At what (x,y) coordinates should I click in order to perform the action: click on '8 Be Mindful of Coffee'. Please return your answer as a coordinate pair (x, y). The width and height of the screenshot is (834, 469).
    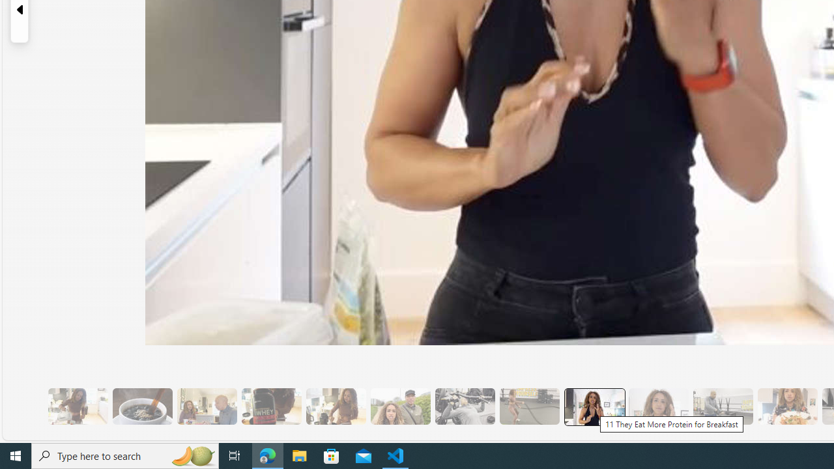
    Looking at the image, I should click on (142, 406).